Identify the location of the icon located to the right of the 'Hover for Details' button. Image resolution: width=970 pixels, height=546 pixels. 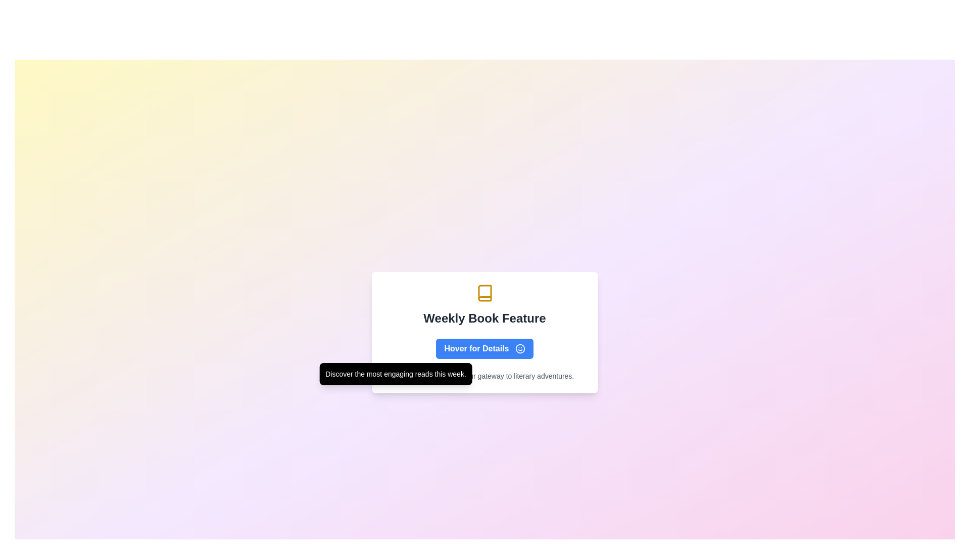
(520, 348).